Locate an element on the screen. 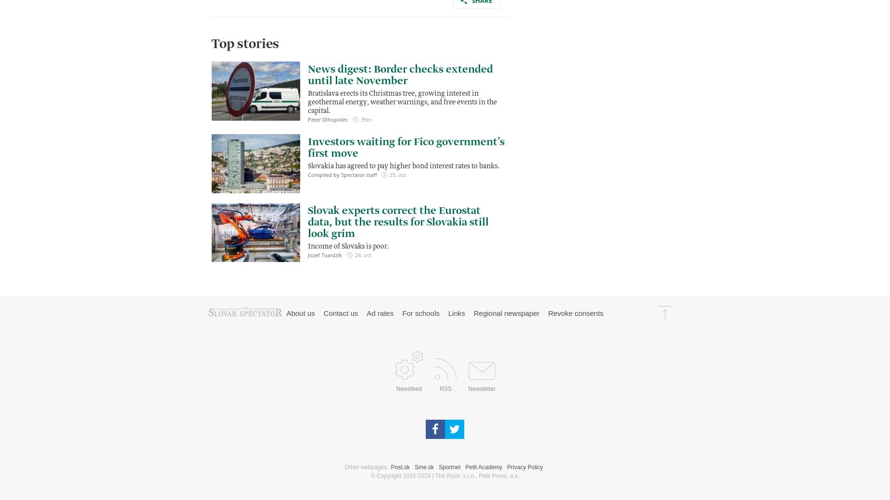 The width and height of the screenshot is (890, 500). 'Contact
us' is located at coordinates (340, 478).